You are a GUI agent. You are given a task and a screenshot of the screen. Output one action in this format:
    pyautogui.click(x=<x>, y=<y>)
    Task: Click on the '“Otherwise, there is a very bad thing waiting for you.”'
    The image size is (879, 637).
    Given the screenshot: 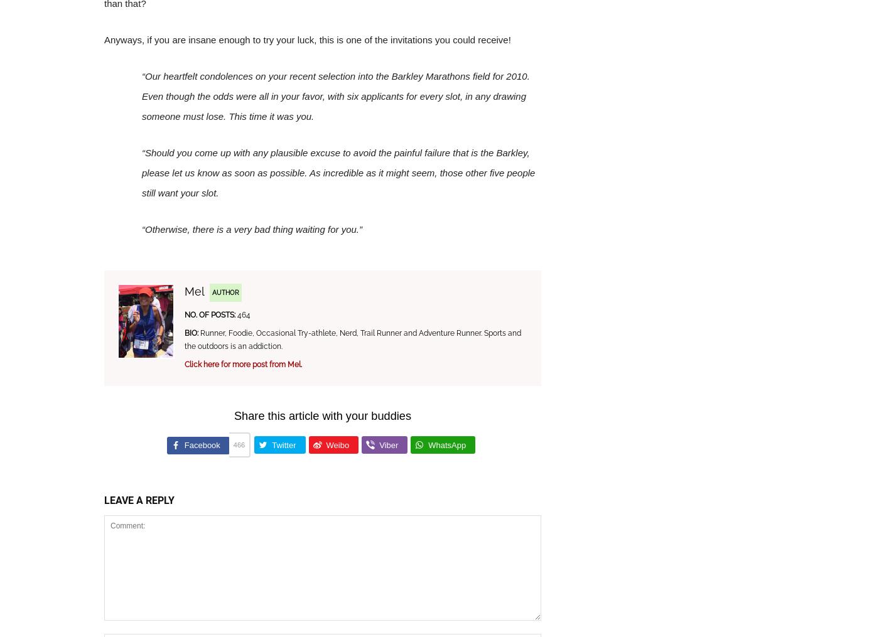 What is the action you would take?
    pyautogui.click(x=252, y=229)
    